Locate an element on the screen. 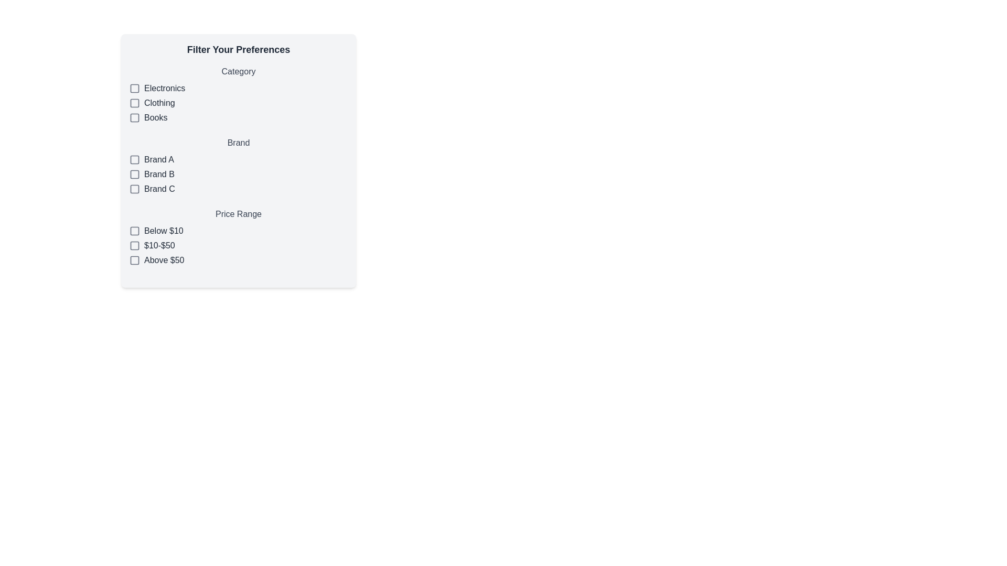 Image resolution: width=1007 pixels, height=566 pixels. the first checkbox labeled 'Brand A' under the 'Brand' section is located at coordinates (238, 159).